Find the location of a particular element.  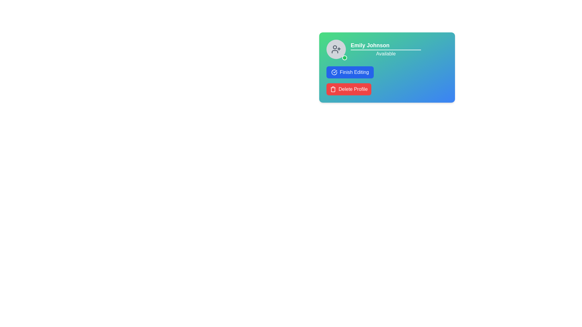

the blue 'Finish Editing' button with a white circular checkmark icon to finalize the editing is located at coordinates (350, 72).